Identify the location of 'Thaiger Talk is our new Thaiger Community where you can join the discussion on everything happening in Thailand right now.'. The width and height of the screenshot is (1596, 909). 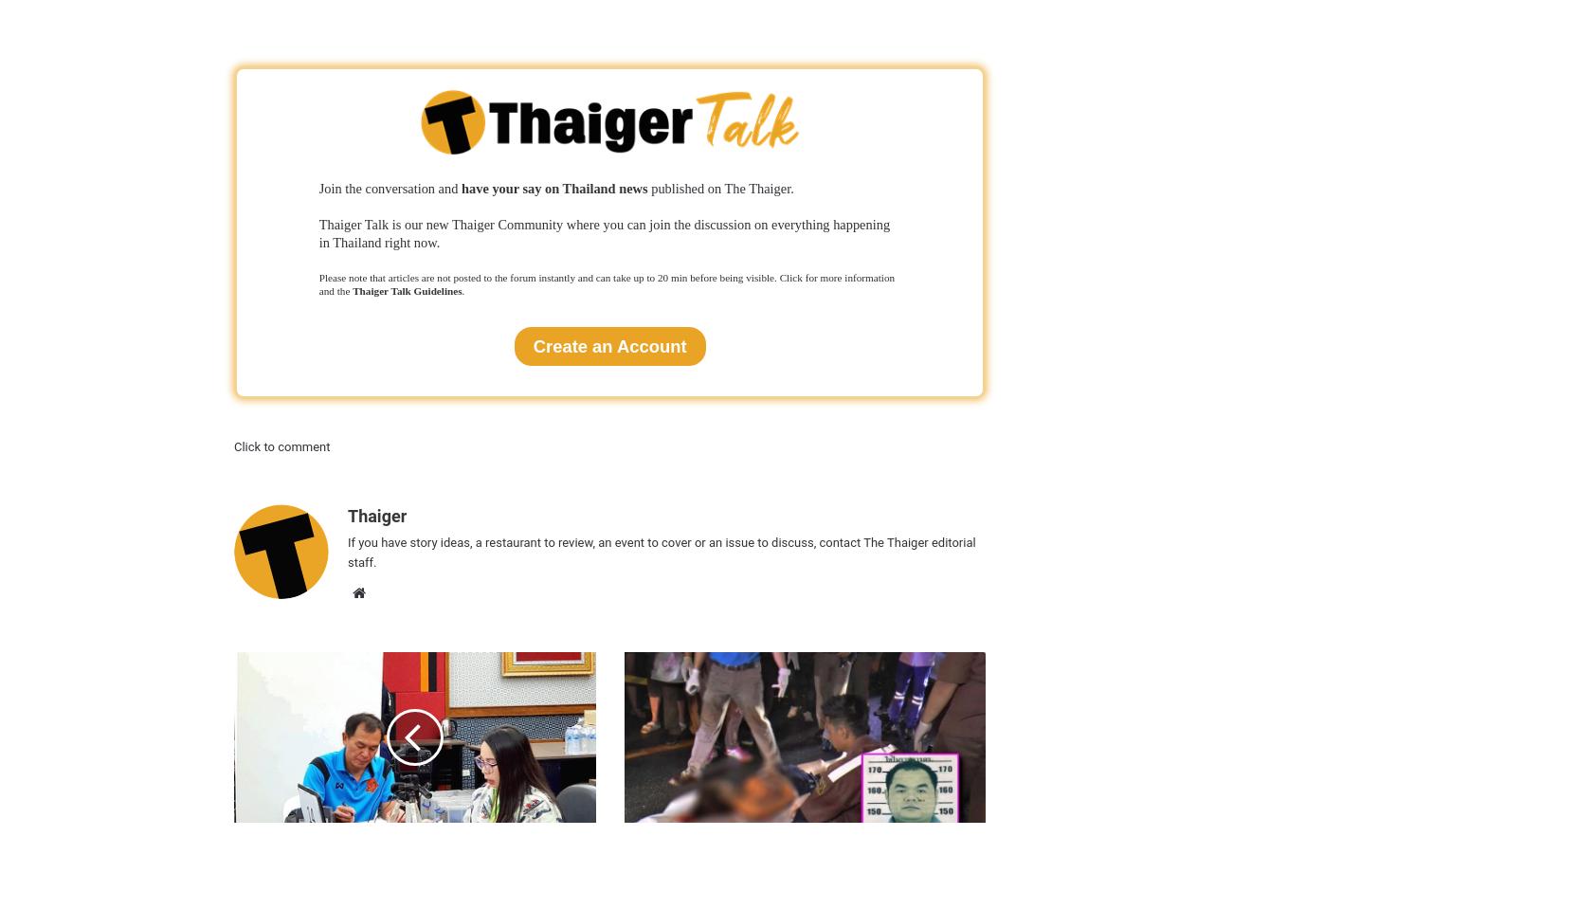
(604, 233).